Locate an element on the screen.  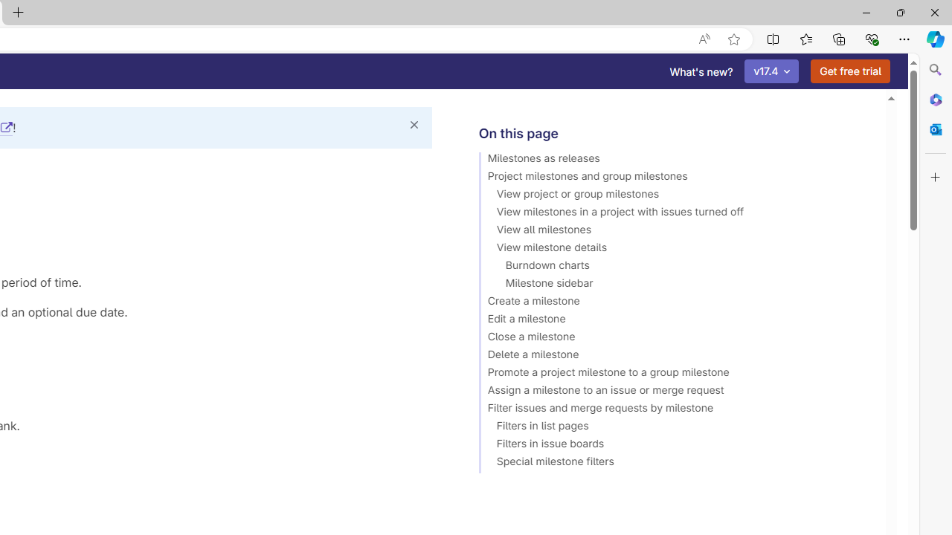
'Create a milestone' is located at coordinates (675, 302).